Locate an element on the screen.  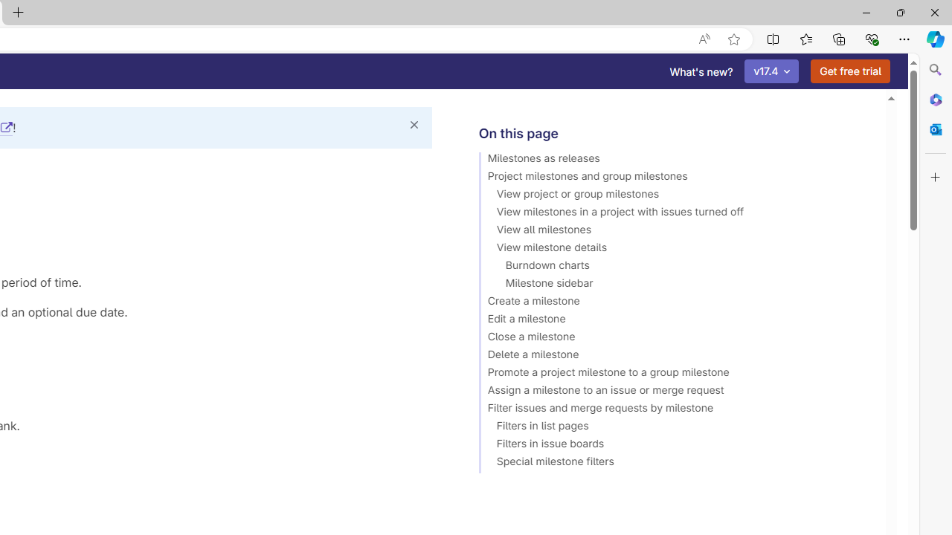
'Create a milestone' is located at coordinates (675, 302).